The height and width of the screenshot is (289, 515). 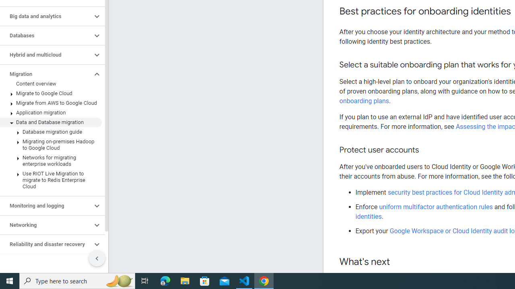 I want to click on 'Copy link to this section: What', so click(x=398, y=262).